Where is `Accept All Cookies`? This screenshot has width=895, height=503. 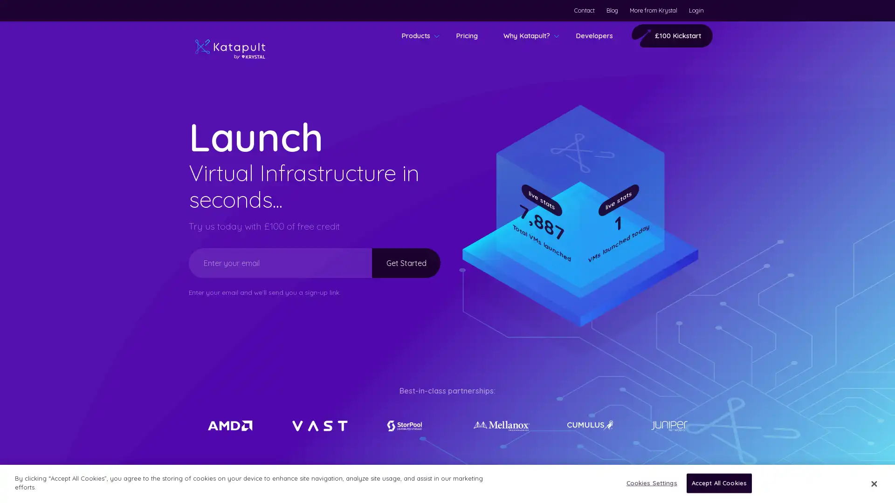
Accept All Cookies is located at coordinates (718, 483).